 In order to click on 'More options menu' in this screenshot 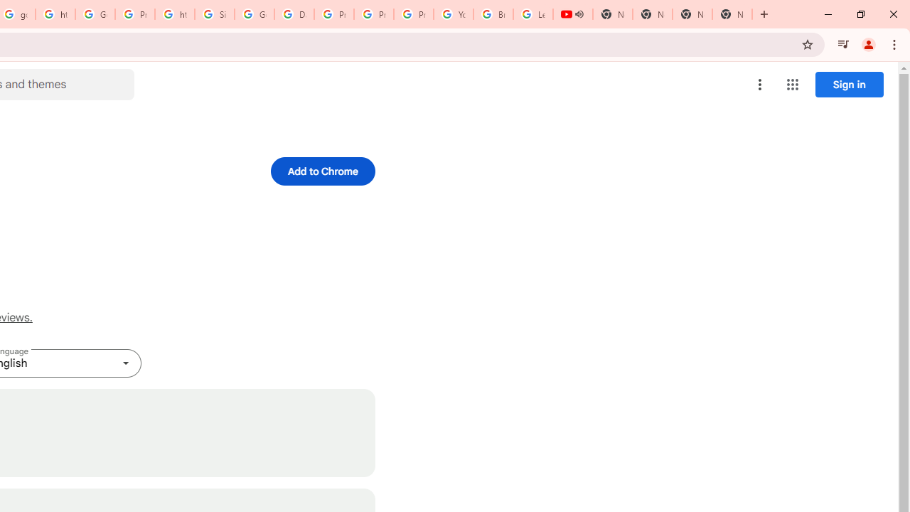, I will do `click(759, 85)`.